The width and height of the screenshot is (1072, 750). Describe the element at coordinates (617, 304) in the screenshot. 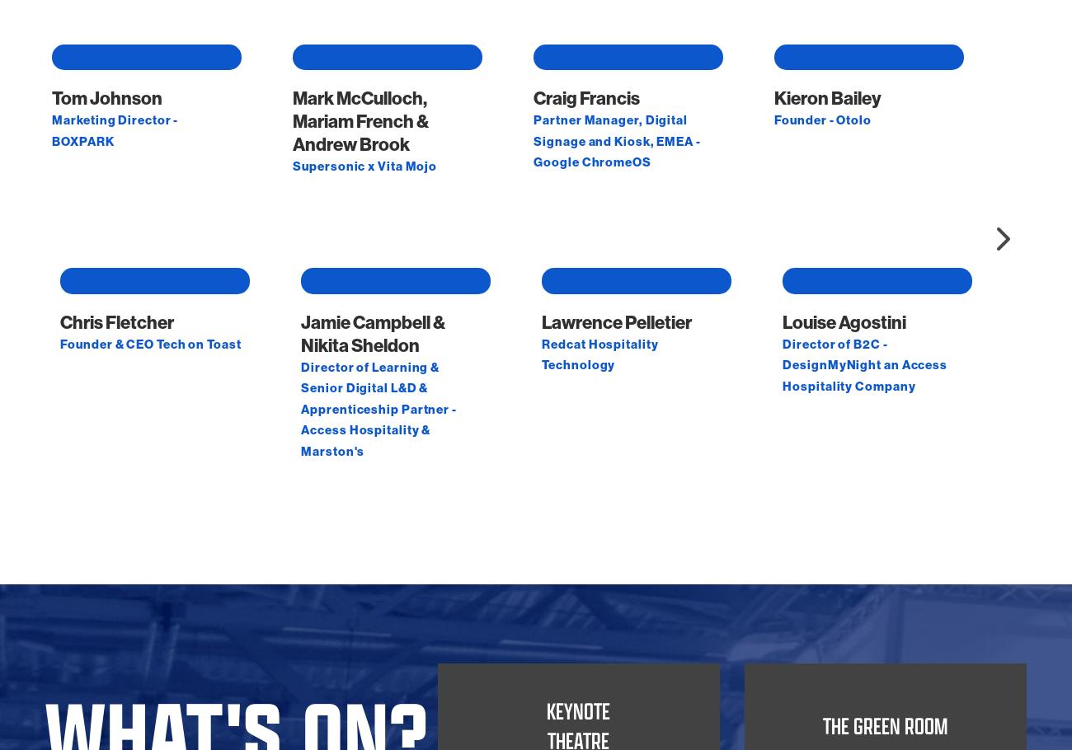

I see `'Partner Manager, Digital Signage and Kiosk, EMEA  - Google ChromeOS'` at that location.